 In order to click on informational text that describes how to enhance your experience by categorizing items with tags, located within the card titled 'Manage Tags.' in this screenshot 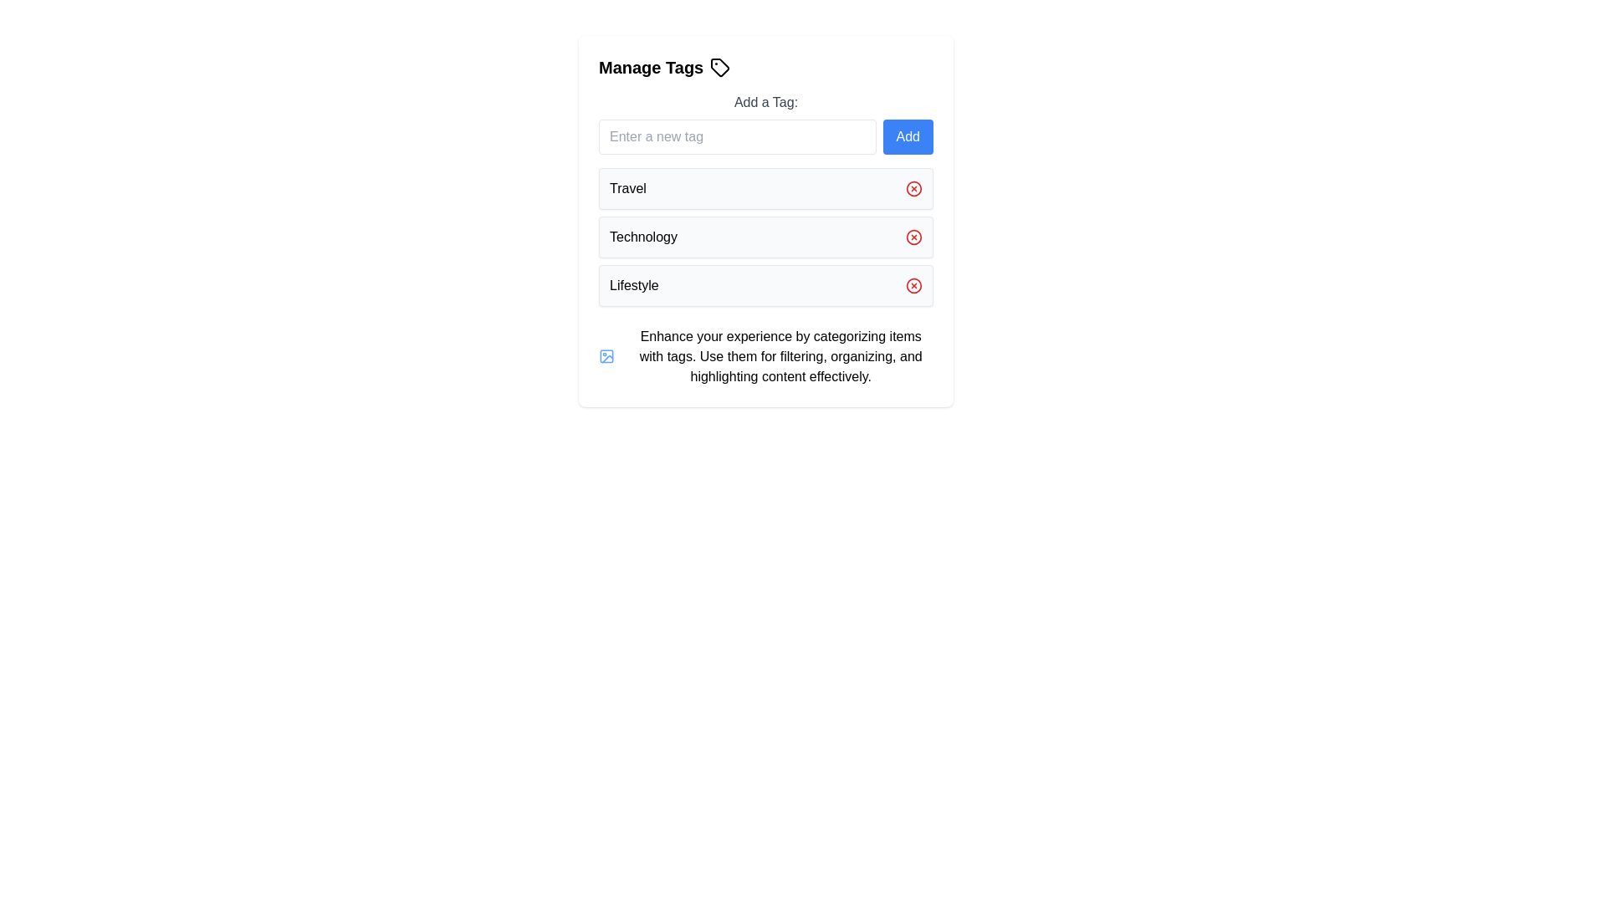, I will do `click(765, 356)`.